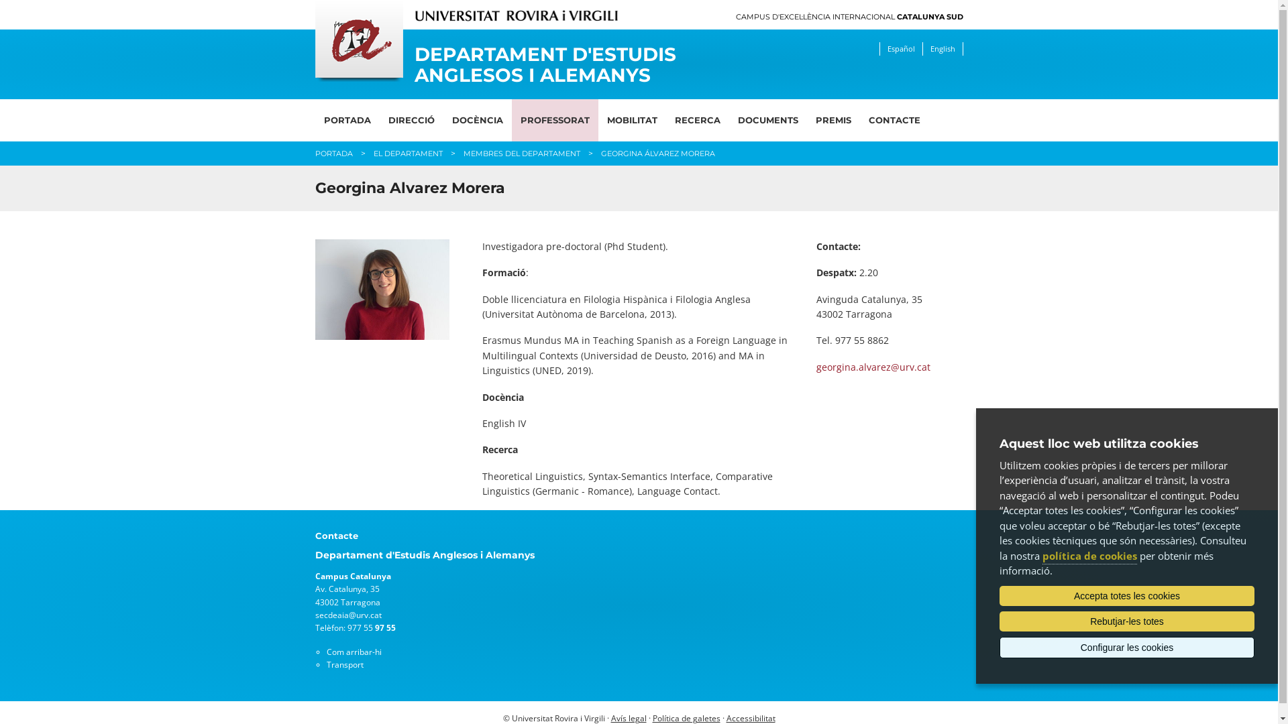  I want to click on 'PORTADA', so click(315, 152).